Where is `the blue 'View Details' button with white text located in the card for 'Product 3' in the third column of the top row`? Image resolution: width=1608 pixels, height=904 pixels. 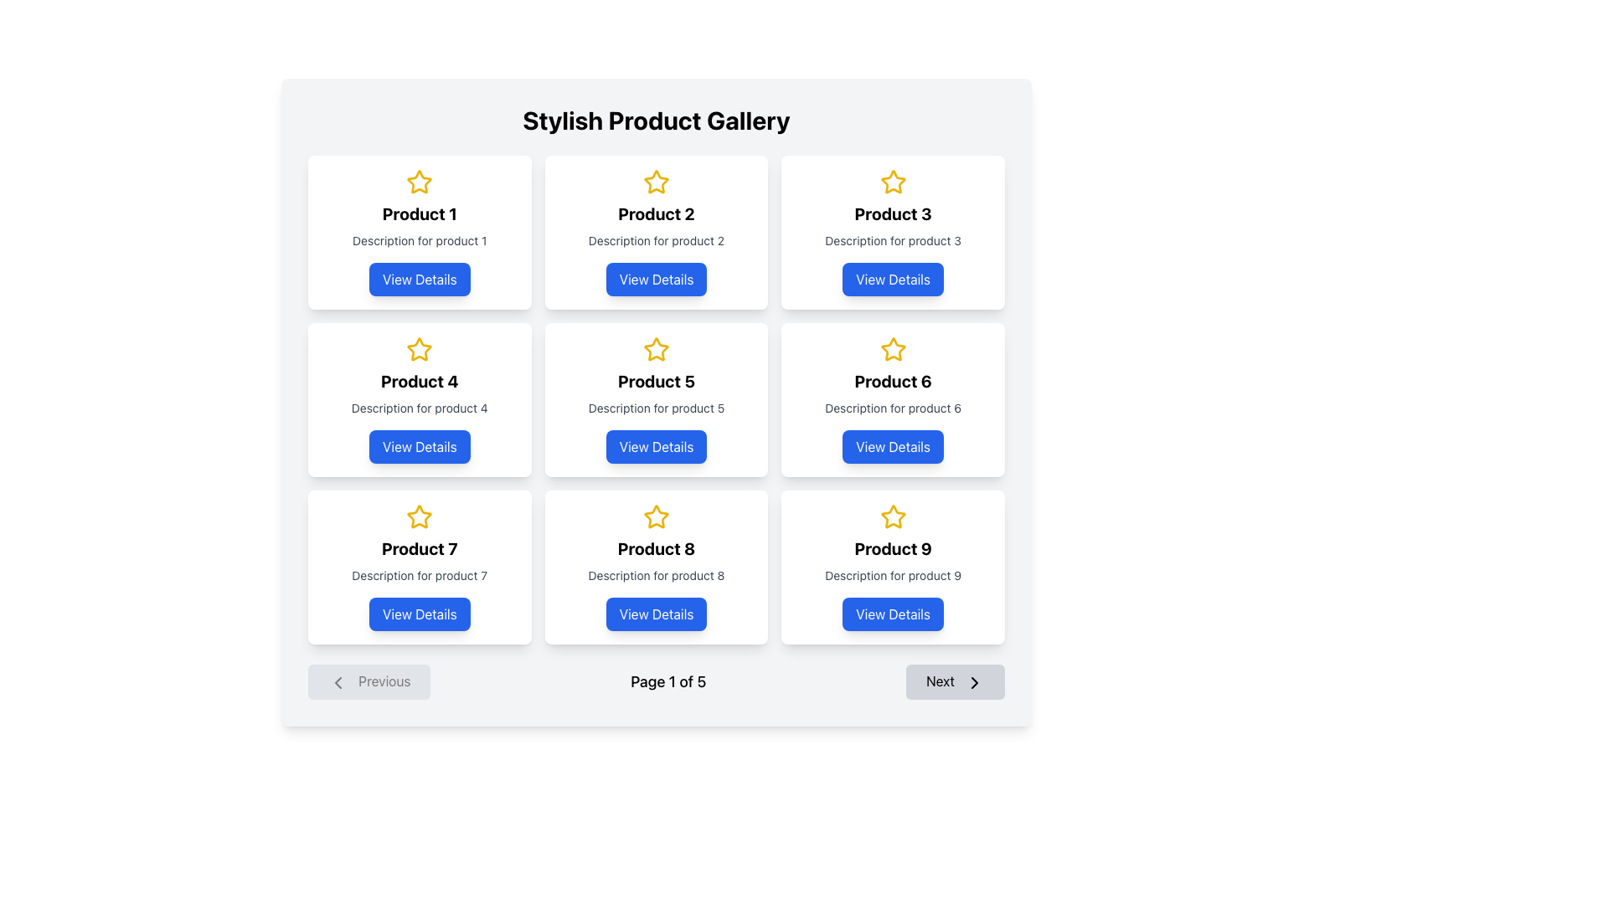 the blue 'View Details' button with white text located in the card for 'Product 3' in the third column of the top row is located at coordinates (892, 279).